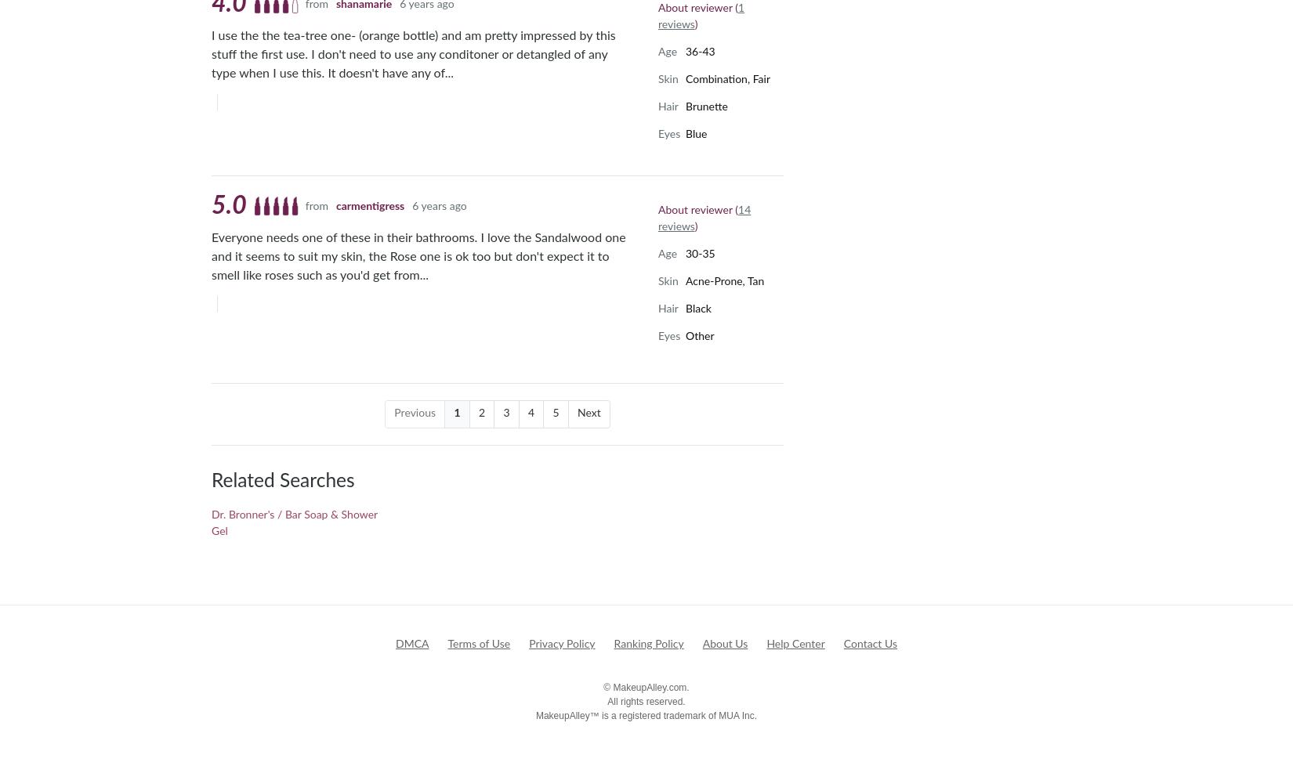  I want to click on 'Ranking Policy', so click(648, 643).